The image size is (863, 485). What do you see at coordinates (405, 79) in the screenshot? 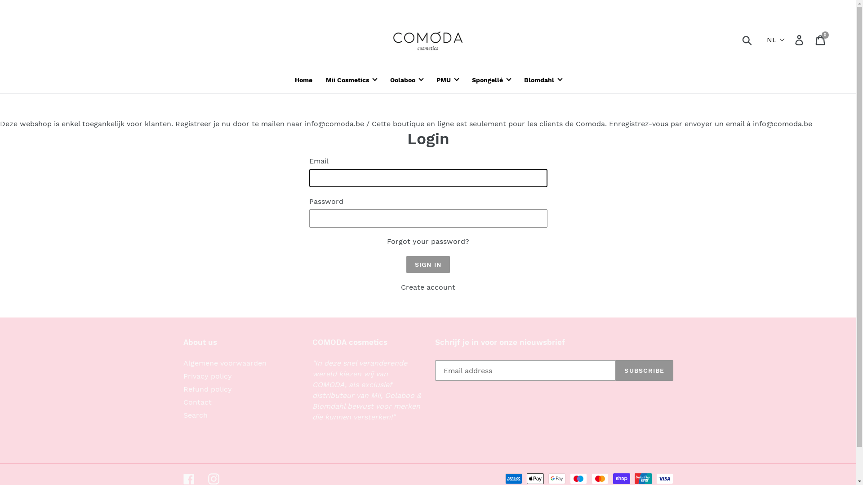
I see `'Oolaboo'` at bounding box center [405, 79].